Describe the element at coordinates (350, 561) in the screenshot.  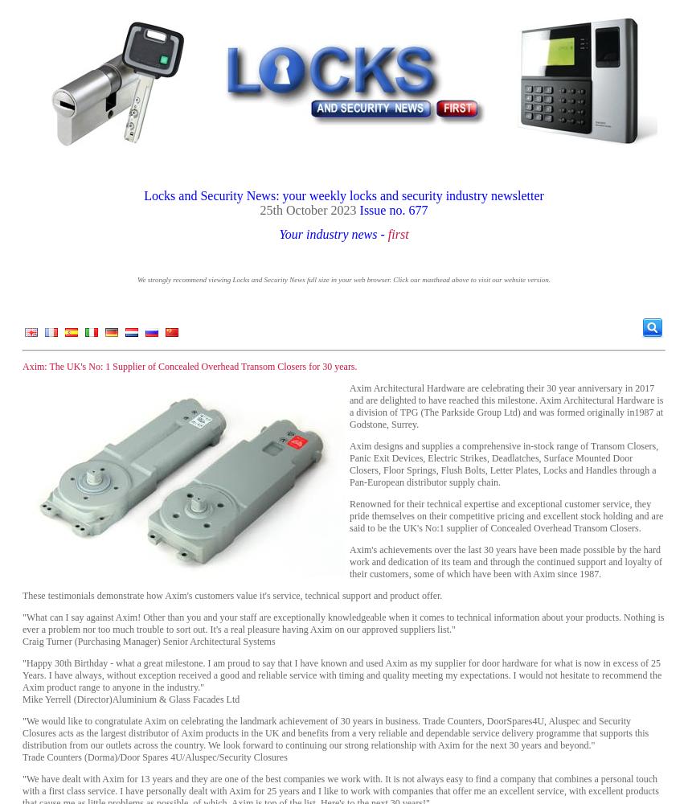
I see `'Axim's achievements over the last 30 years have been made possible by the hard work and dedication of its team and through the continued support and loyalty of their customers, some of which have been with Axim since 1987.'` at that location.